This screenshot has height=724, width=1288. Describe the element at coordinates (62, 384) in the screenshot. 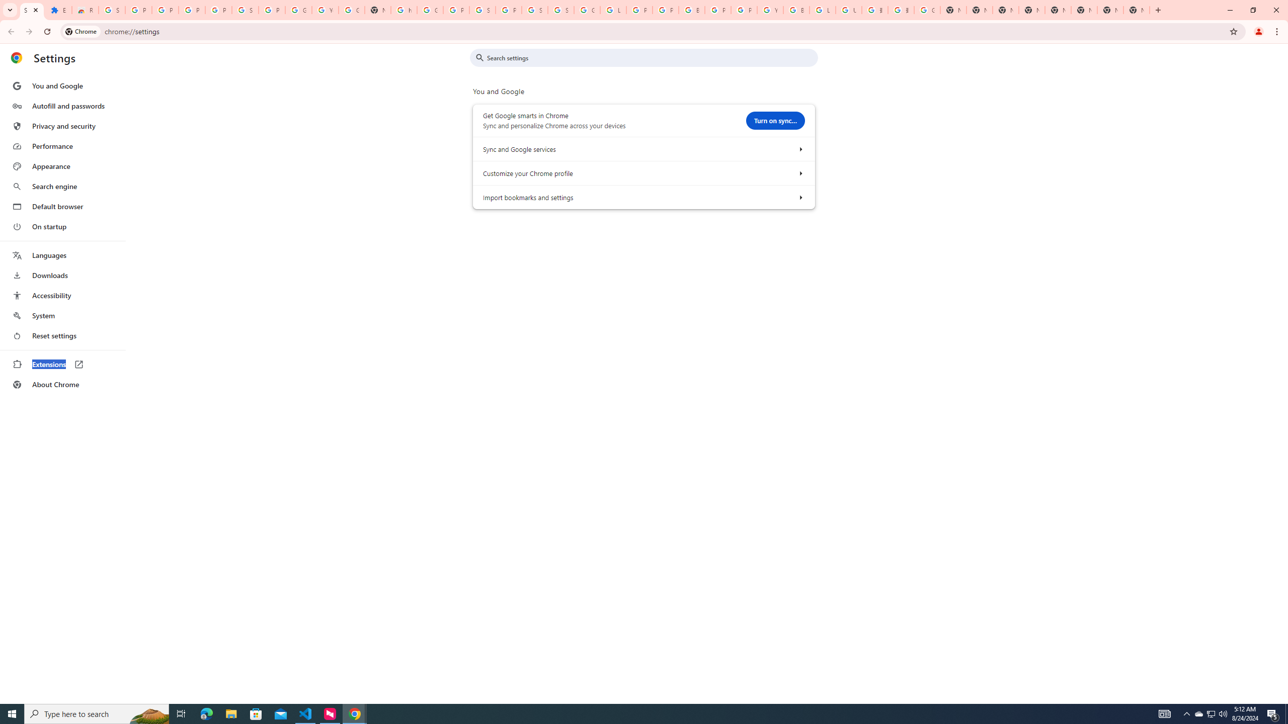

I see `'About Chrome'` at that location.